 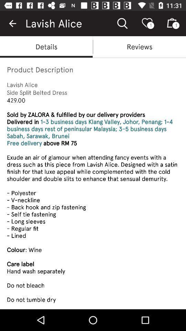 What do you see at coordinates (139, 46) in the screenshot?
I see `reviews` at bounding box center [139, 46].